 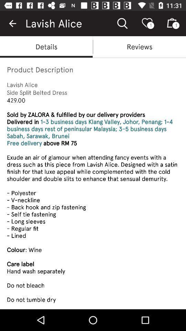 What do you see at coordinates (139, 46) in the screenshot?
I see `reviews` at bounding box center [139, 46].